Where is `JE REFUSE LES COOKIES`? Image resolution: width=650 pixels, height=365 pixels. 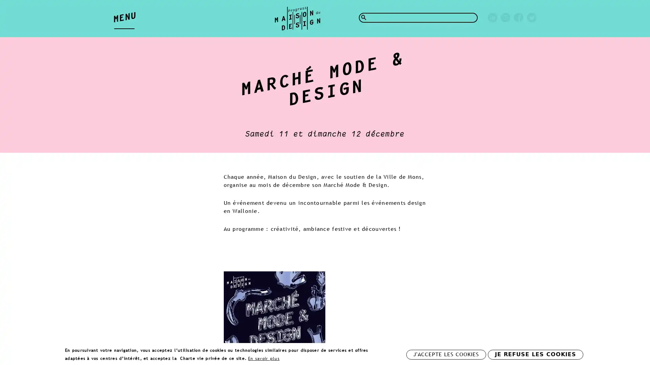
JE REFUSE LES COOKIES is located at coordinates (535, 354).